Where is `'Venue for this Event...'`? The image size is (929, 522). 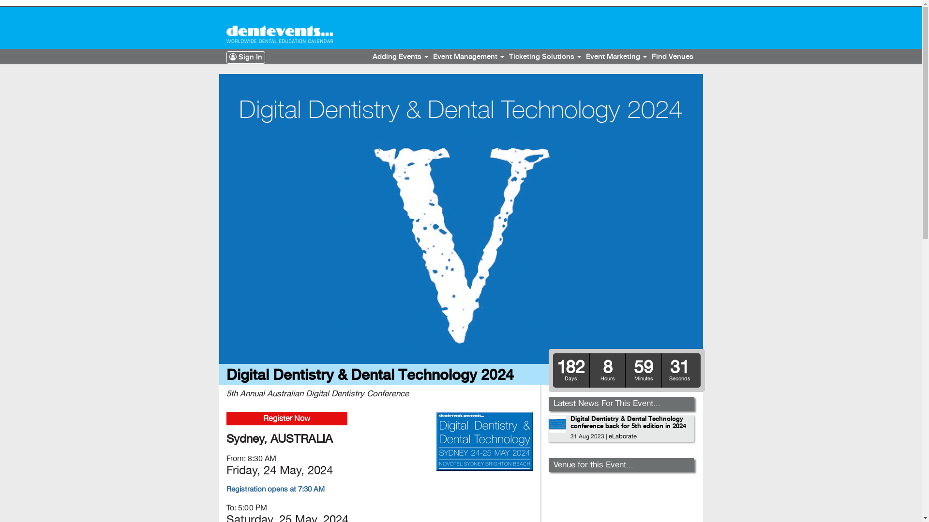 'Venue for this Event...' is located at coordinates (553, 464).